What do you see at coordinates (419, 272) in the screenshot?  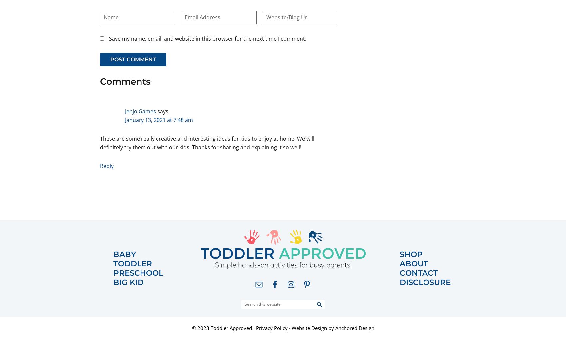 I see `'Contact'` at bounding box center [419, 272].